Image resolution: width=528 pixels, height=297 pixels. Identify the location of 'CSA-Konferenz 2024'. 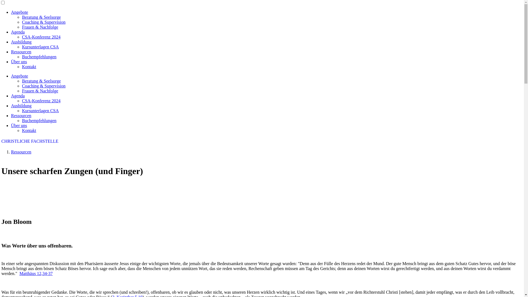
(41, 37).